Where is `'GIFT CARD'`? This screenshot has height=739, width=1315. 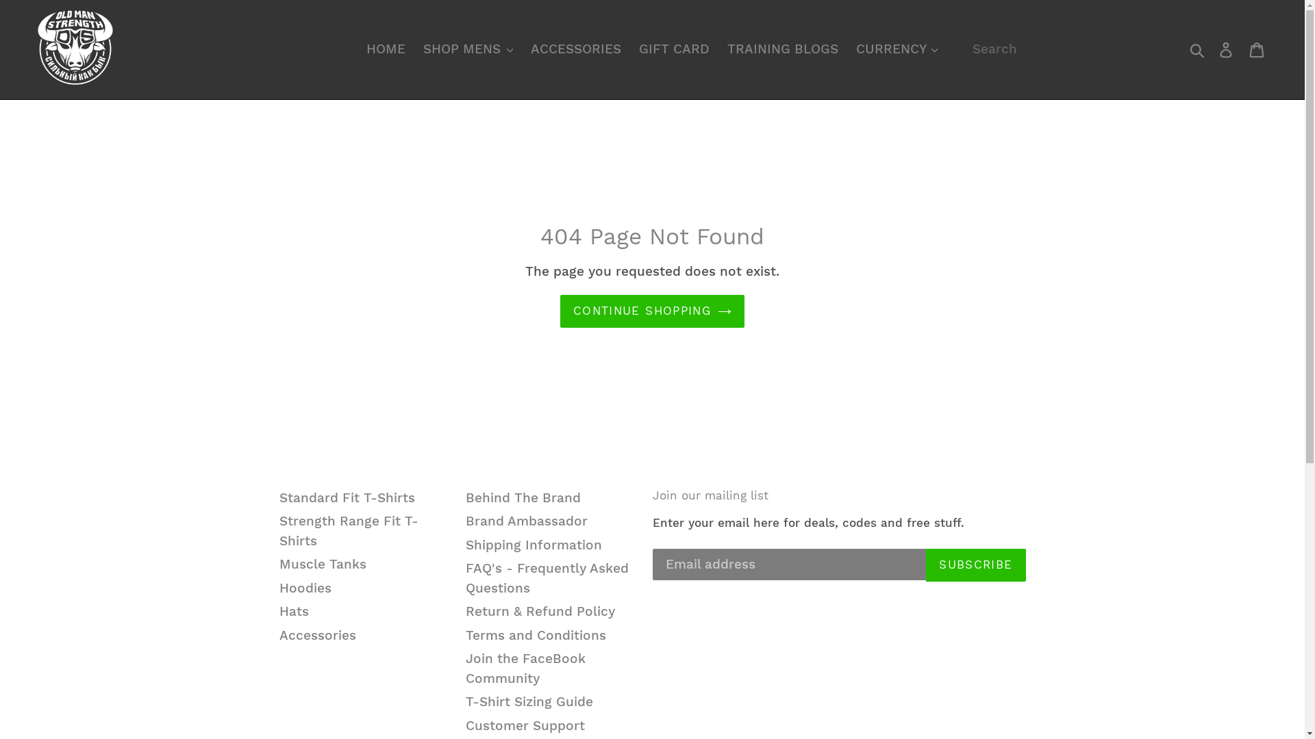
'GIFT CARD' is located at coordinates (674, 49).